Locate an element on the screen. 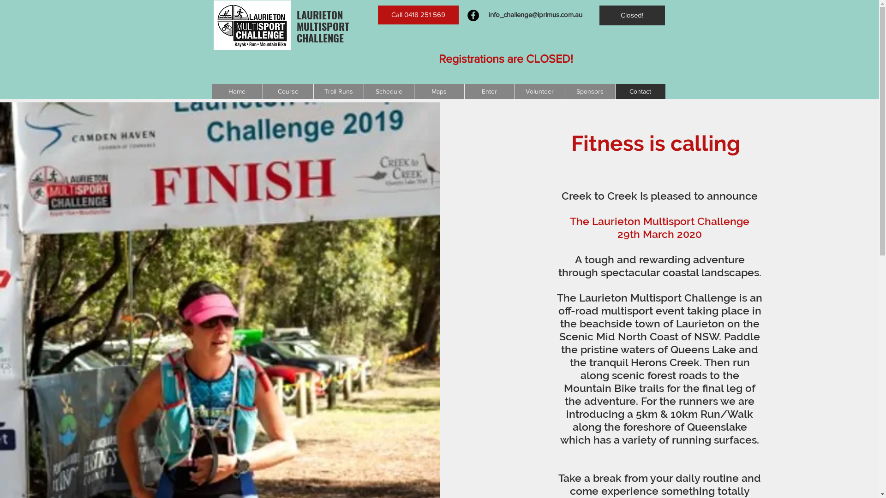  'Call 0418 251 569' is located at coordinates (417, 15).